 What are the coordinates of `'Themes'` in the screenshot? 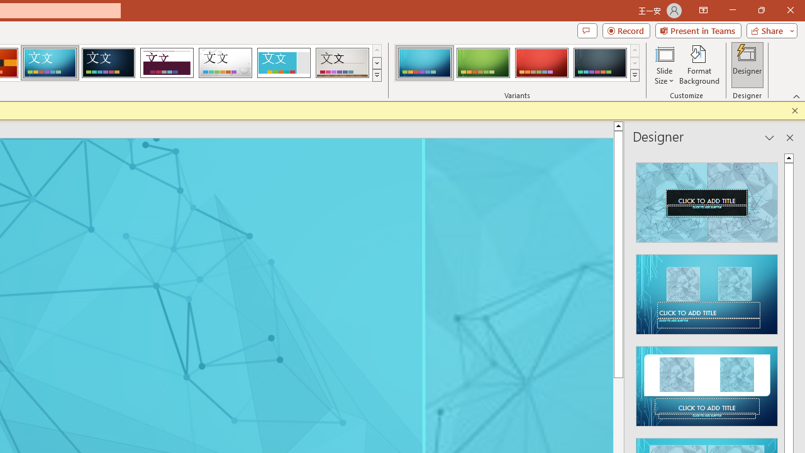 It's located at (376, 75).